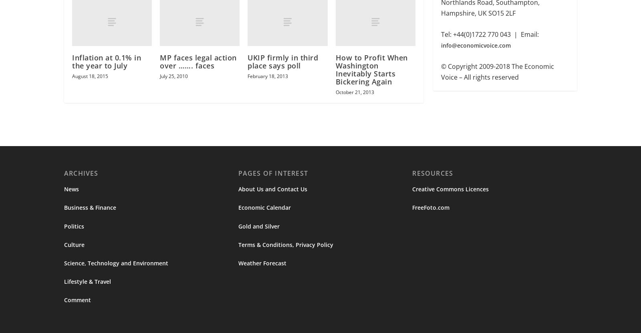  Describe the element at coordinates (107, 62) in the screenshot. I see `'Inflation at 0.1% in the year to July'` at that location.